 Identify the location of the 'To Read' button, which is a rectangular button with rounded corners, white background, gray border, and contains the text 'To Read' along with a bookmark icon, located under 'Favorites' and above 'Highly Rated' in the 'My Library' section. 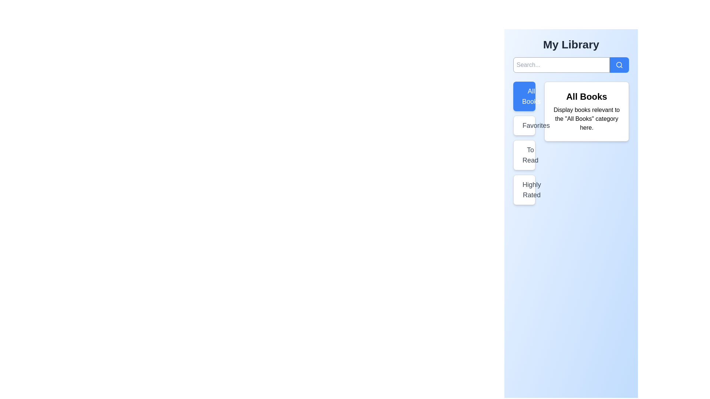
(524, 155).